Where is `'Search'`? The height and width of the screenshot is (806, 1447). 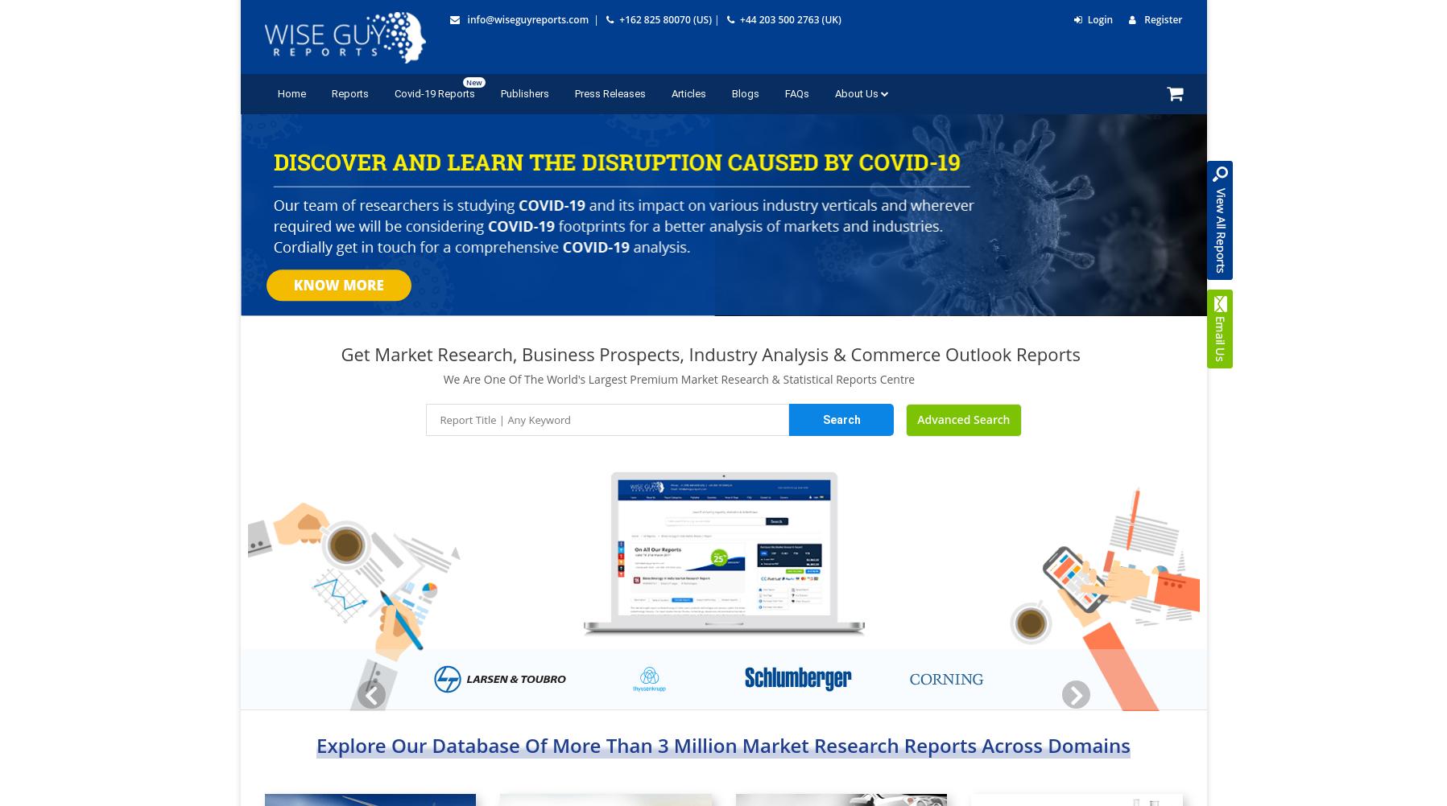
'Search' is located at coordinates (822, 420).